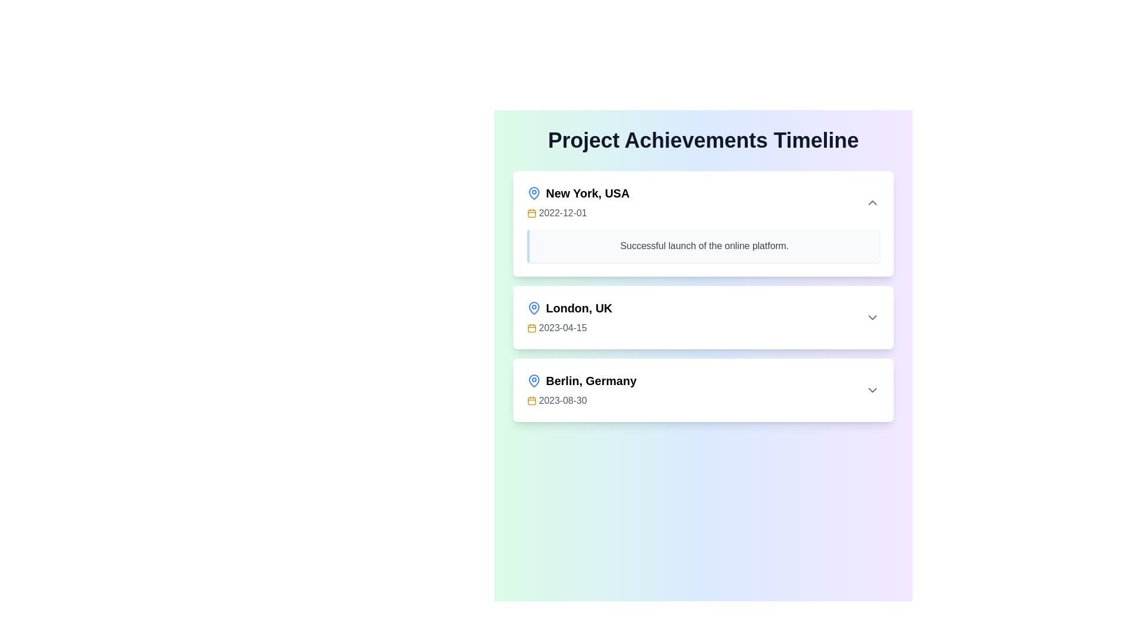  Describe the element at coordinates (703, 318) in the screenshot. I see `information presented on the second card in the timeline display, which contains textual and iconographic information about an event located between the 'New York, USA' card above and the 'Berlin, Germany' card below` at that location.